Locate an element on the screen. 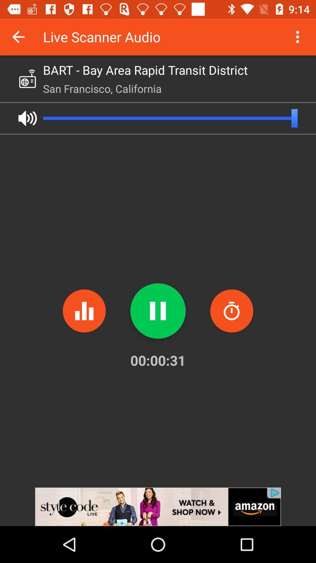 This screenshot has width=316, height=563. time option is located at coordinates (231, 311).